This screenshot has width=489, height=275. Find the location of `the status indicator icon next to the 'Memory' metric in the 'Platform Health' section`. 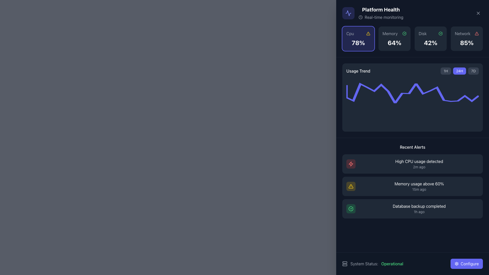

the status indicator icon next to the 'Memory' metric in the 'Platform Health' section is located at coordinates (404, 33).